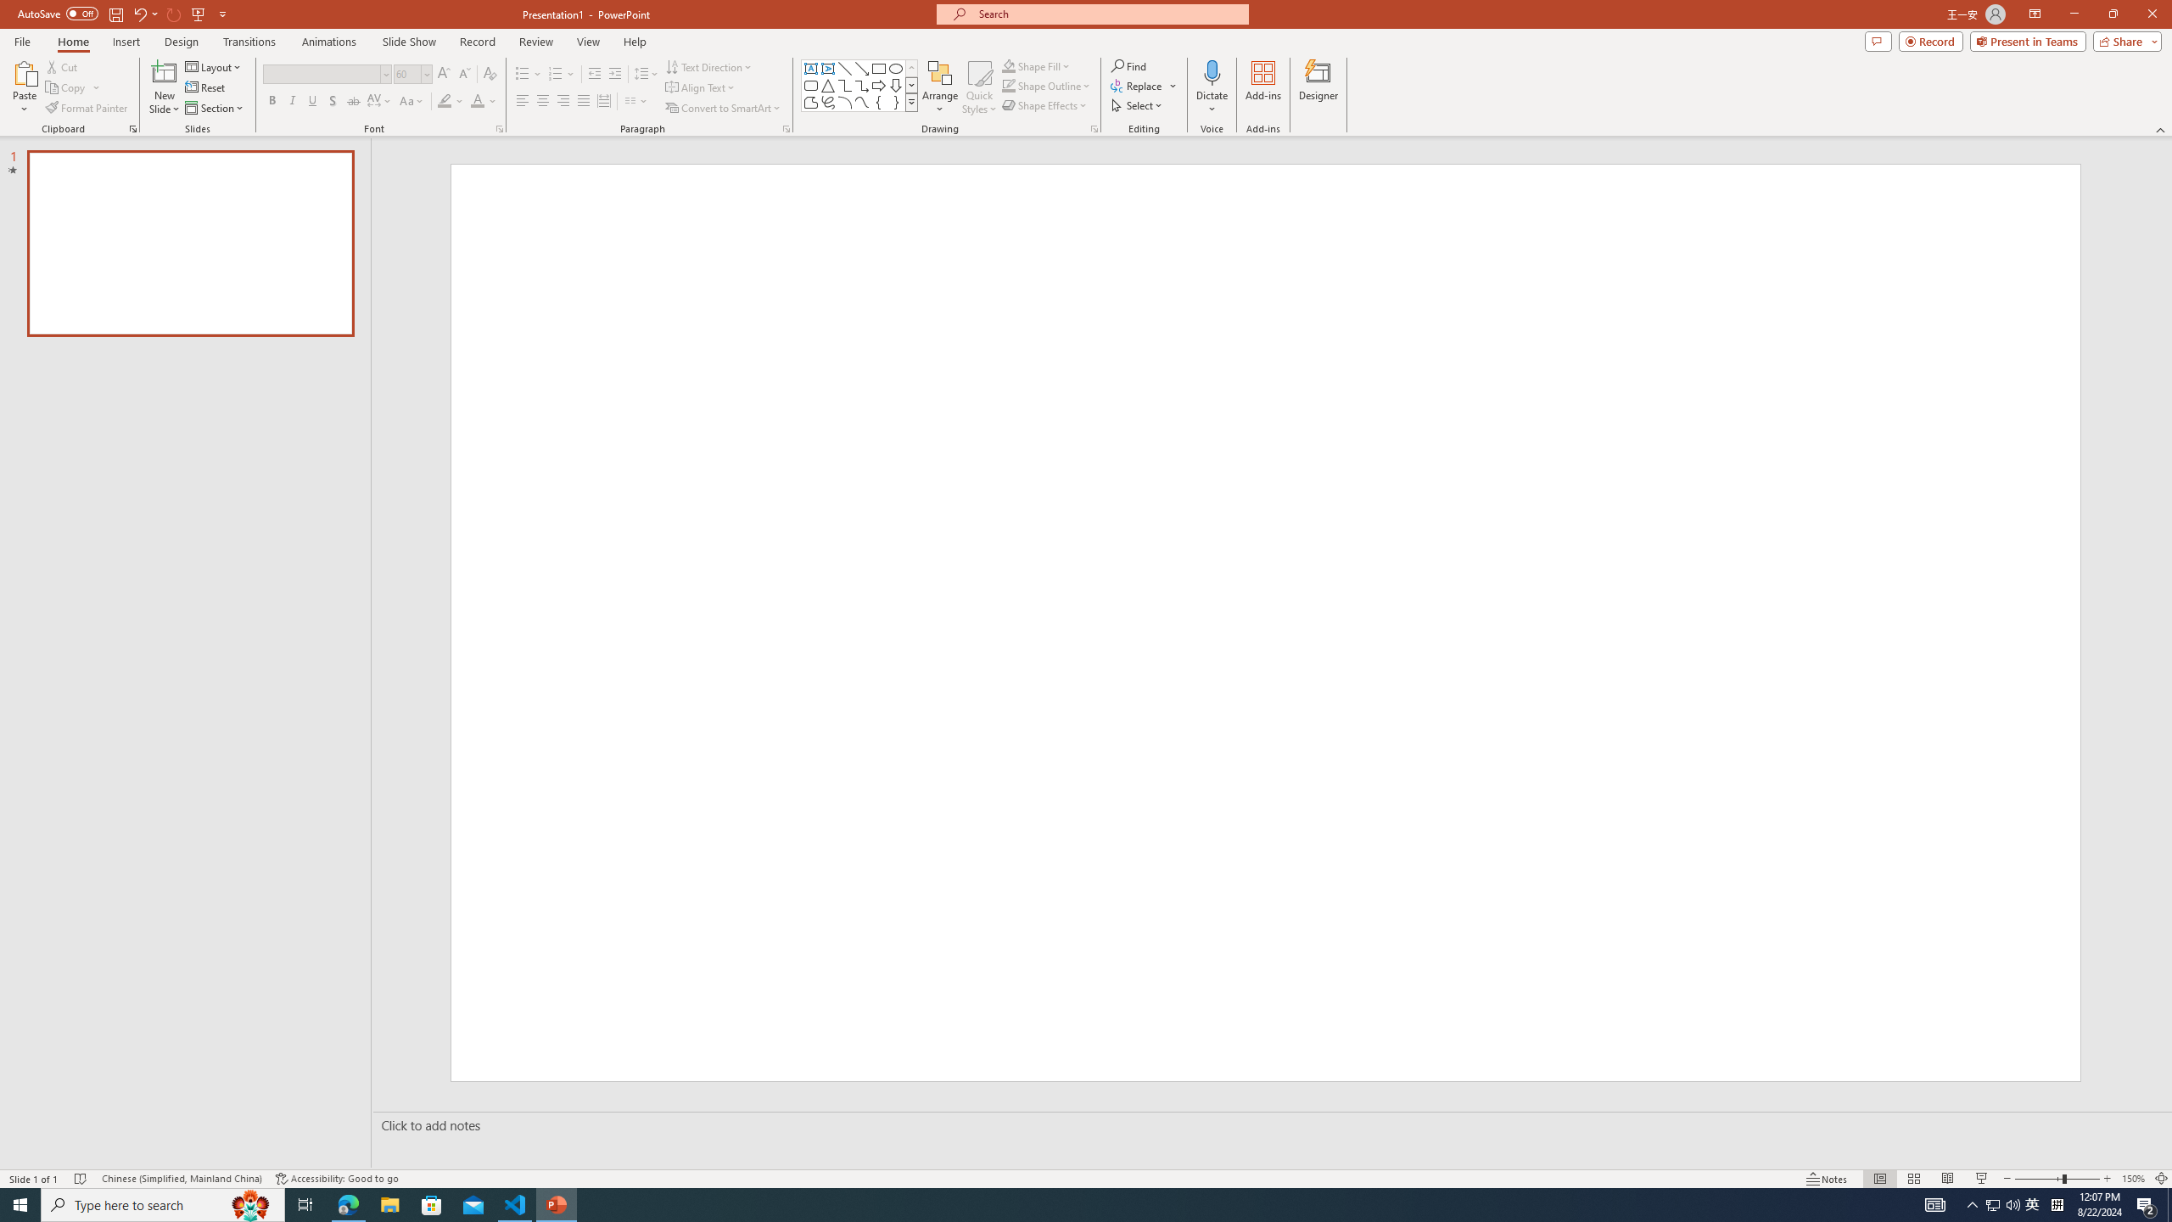  What do you see at coordinates (215, 108) in the screenshot?
I see `'Section'` at bounding box center [215, 108].